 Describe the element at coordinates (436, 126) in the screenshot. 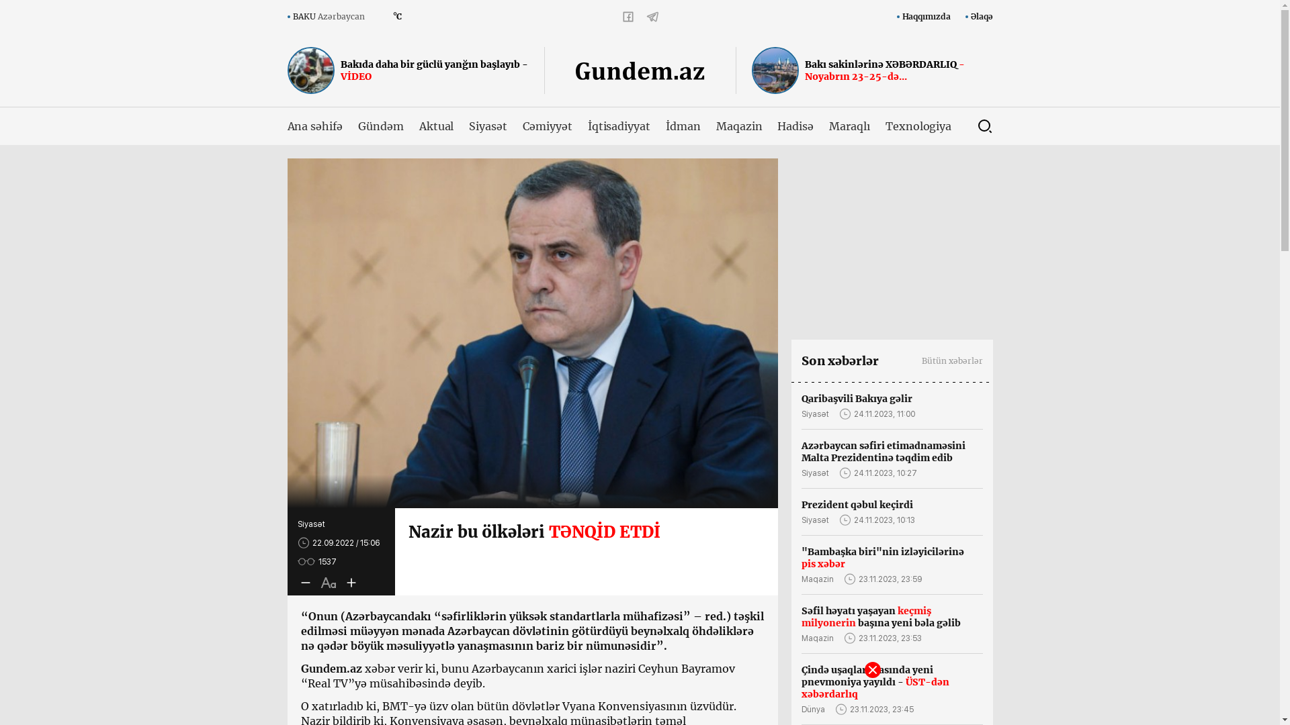

I see `'Aktual'` at that location.